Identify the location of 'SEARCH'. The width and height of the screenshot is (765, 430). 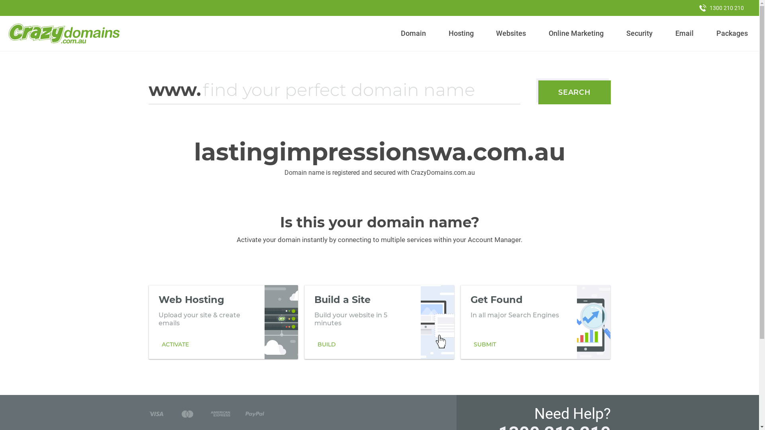
(538, 92).